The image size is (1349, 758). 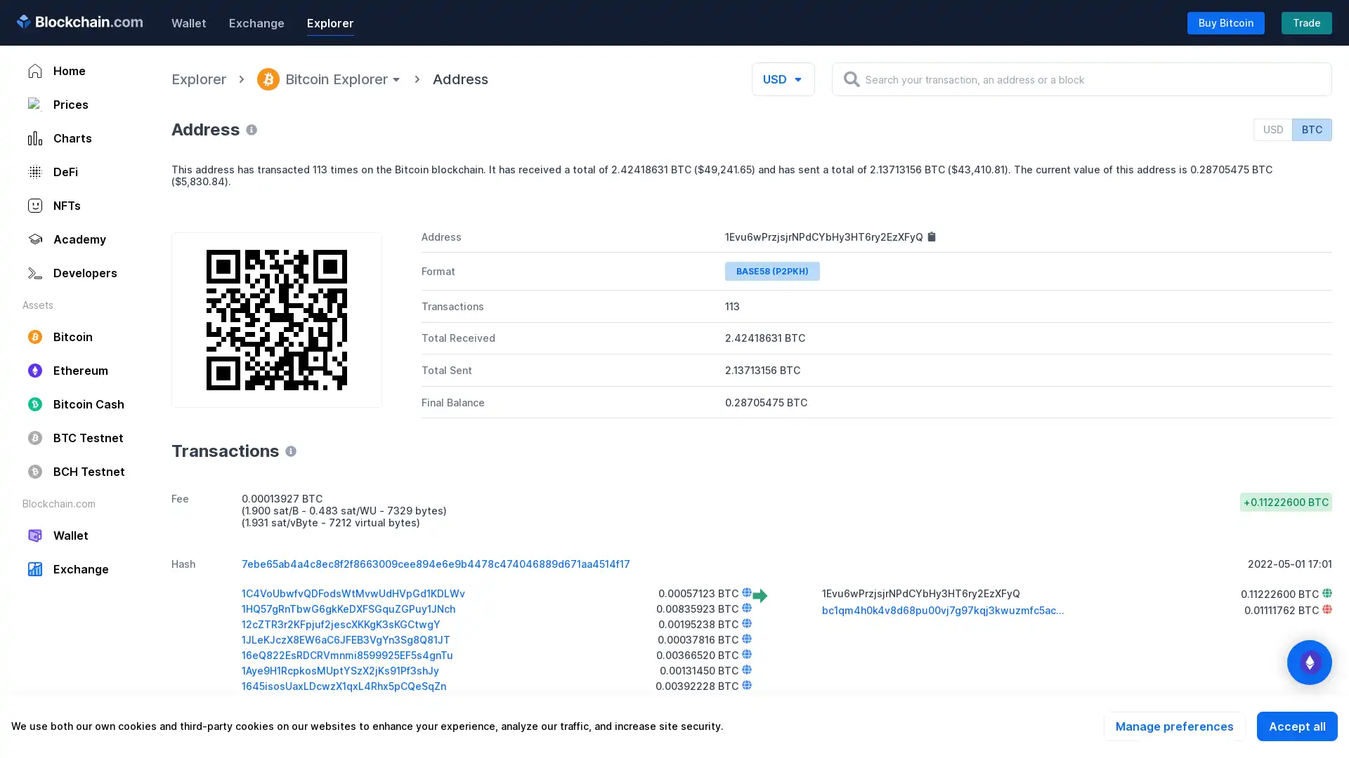 What do you see at coordinates (1308, 663) in the screenshot?
I see `alternating coins` at bounding box center [1308, 663].